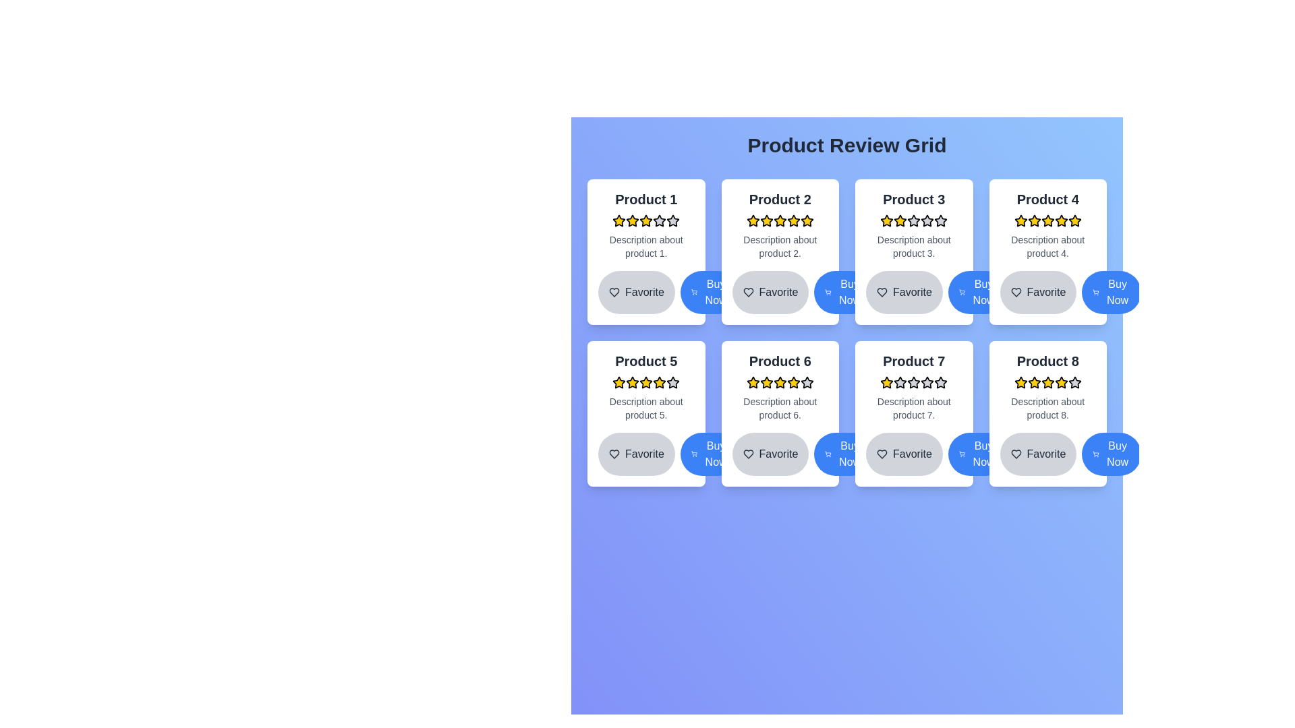 The image size is (1295, 728). I want to click on the SVG shopping cart icon with a blue background located to the left of the 'Buy Now' label for 'Product 5', so click(694, 454).